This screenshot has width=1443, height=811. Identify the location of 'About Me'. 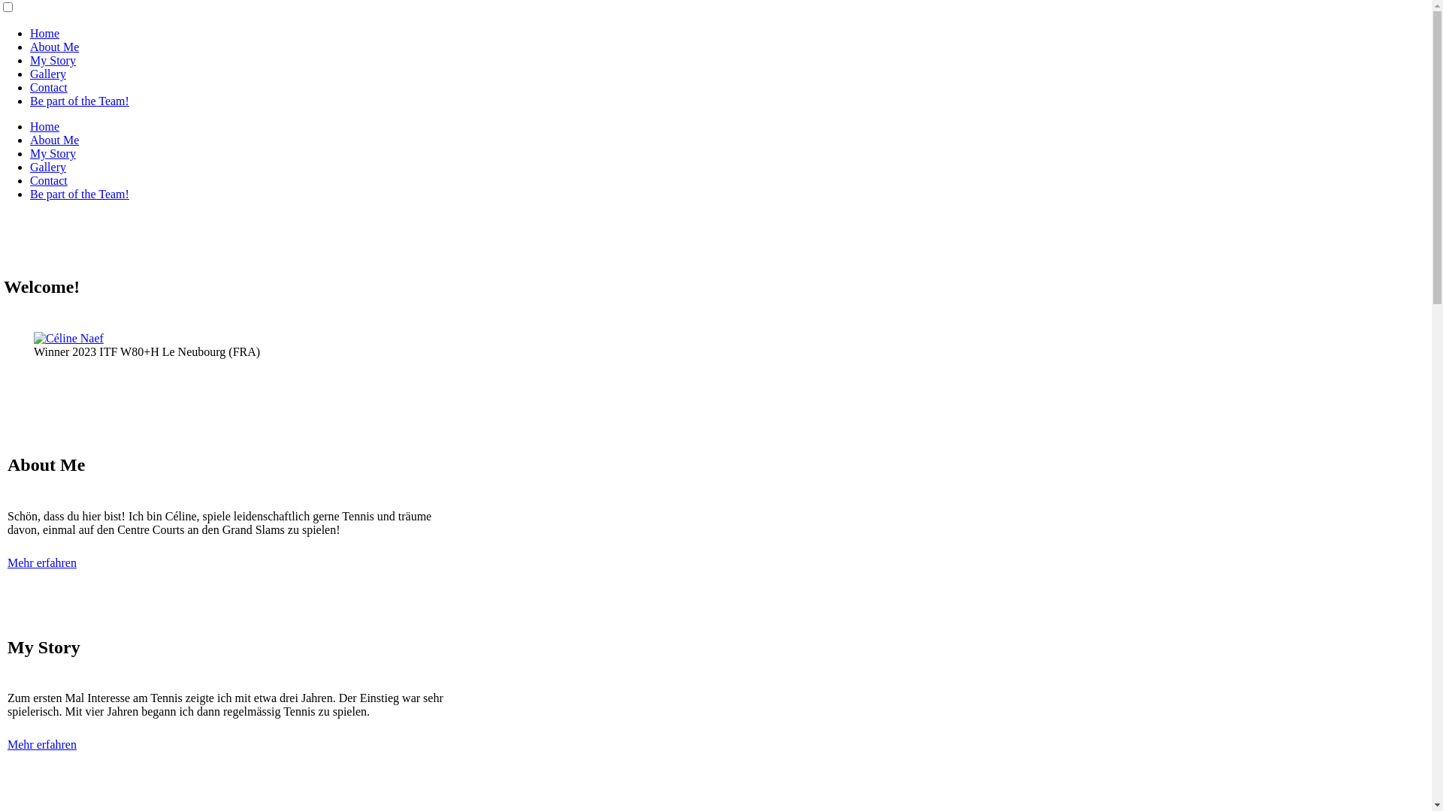
(54, 140).